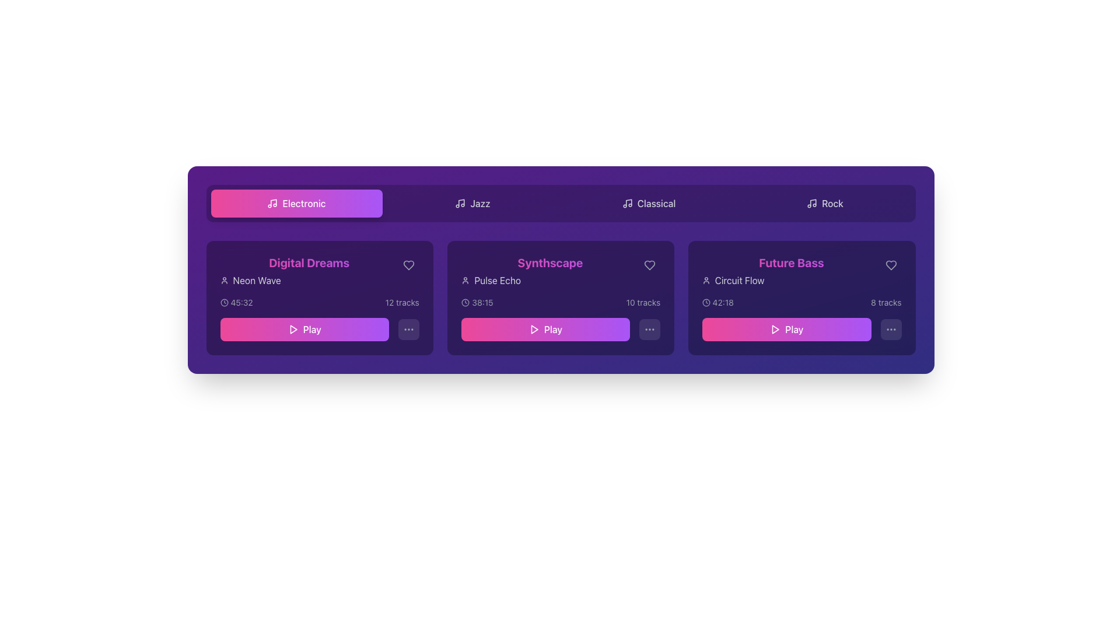 The width and height of the screenshot is (1120, 630). Describe the element at coordinates (824, 202) in the screenshot. I see `the 'Rock' button` at that location.